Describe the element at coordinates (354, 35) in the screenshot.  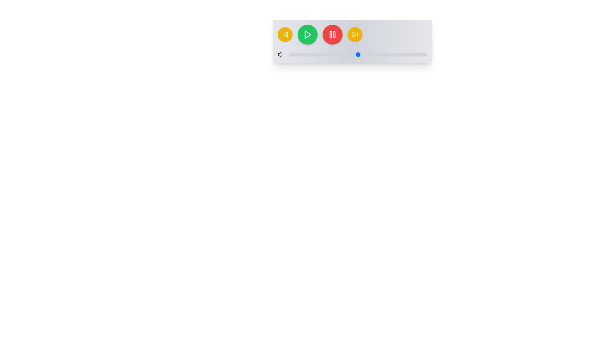
I see `the yellow triangular icon representing the skip forward action located at the far right side of the playback control bar` at that location.